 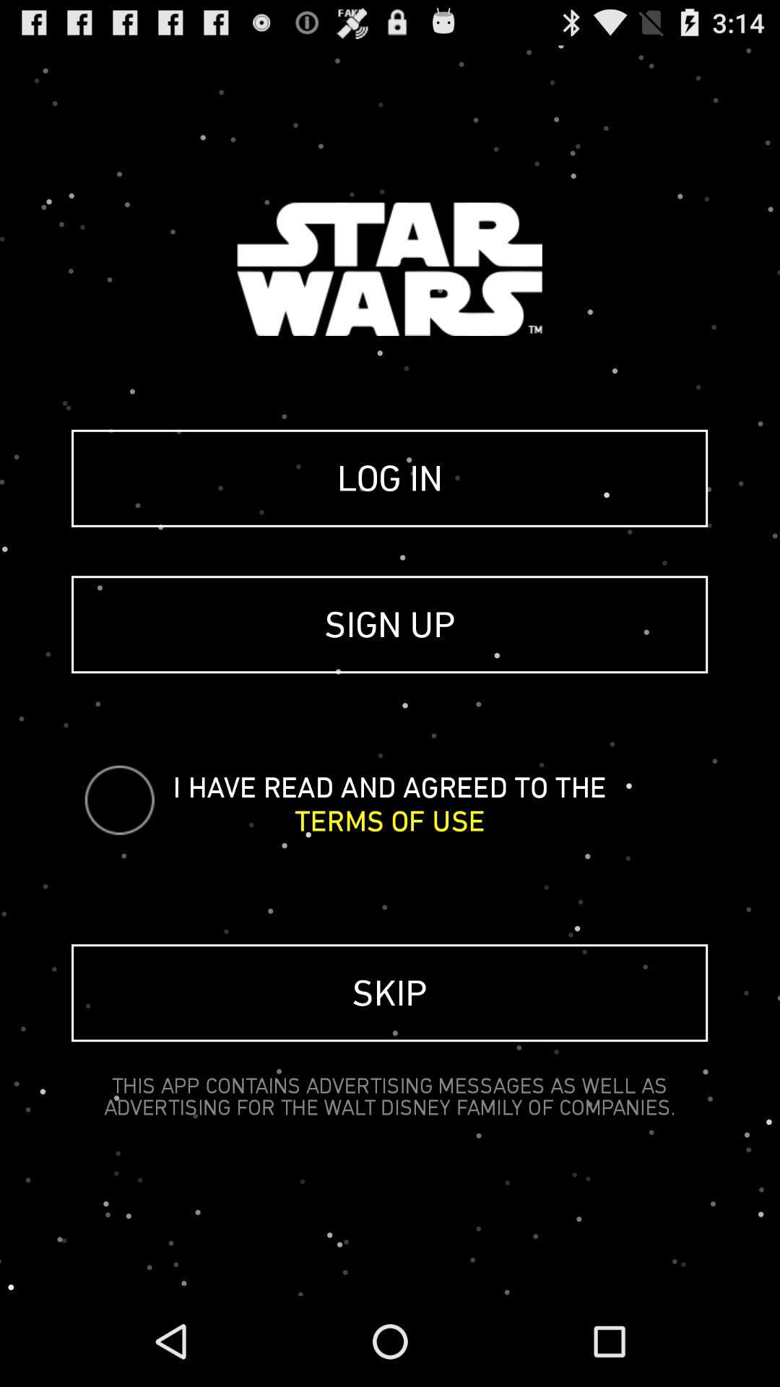 What do you see at coordinates (389, 821) in the screenshot?
I see `item above skip button` at bounding box center [389, 821].